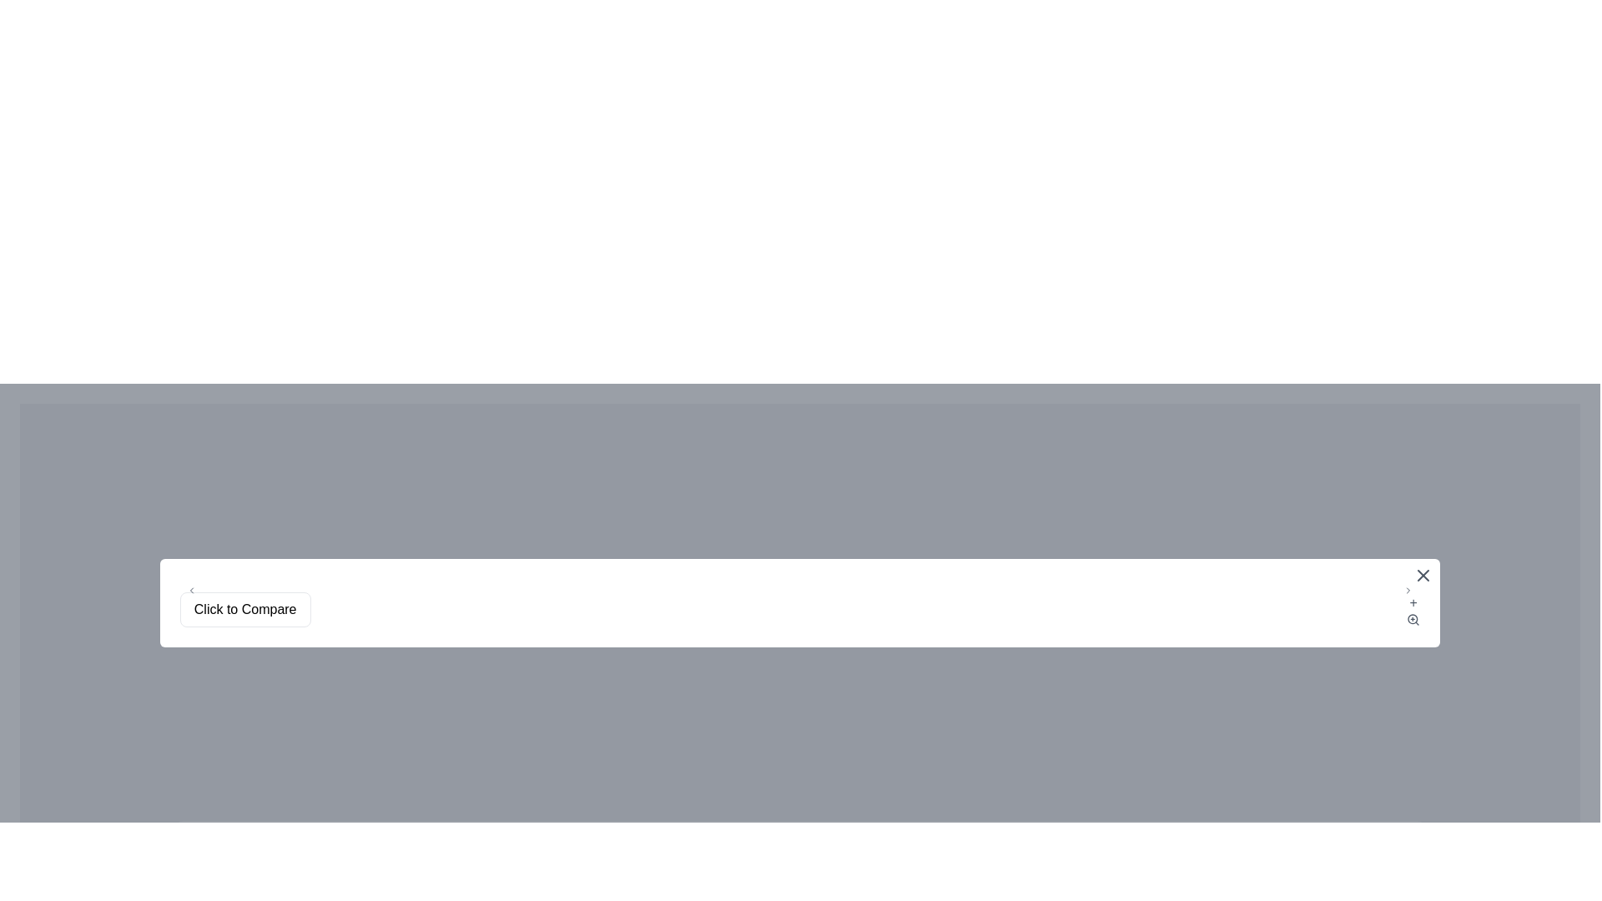 This screenshot has height=901, width=1602. Describe the element at coordinates (244, 610) in the screenshot. I see `the 'Click to Compare' button, which is a rounded button with a white background and centered text, to observe its hover styling effects` at that location.